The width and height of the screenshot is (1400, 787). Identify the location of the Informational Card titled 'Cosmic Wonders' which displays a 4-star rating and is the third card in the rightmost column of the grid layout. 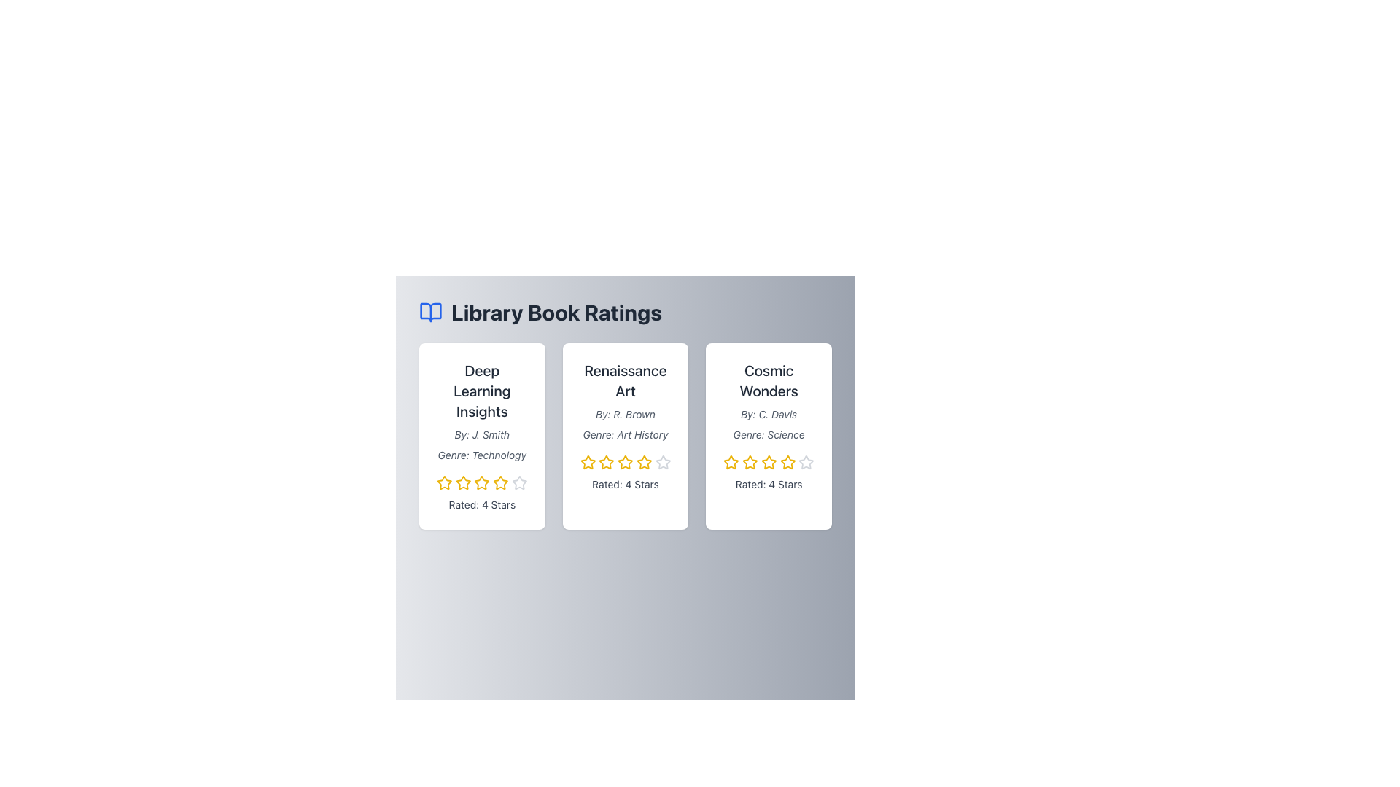
(768, 435).